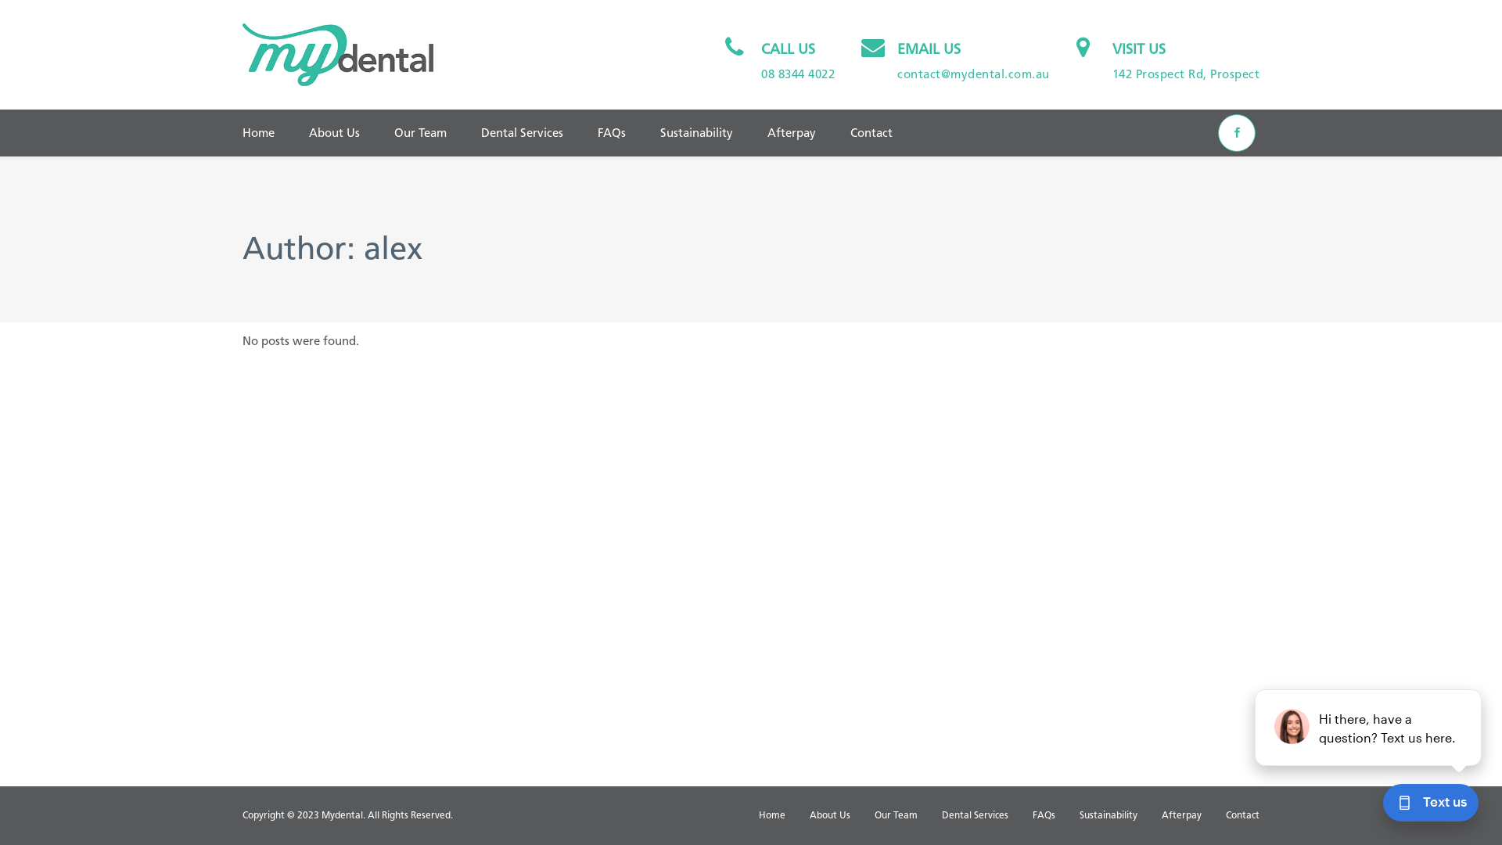 The image size is (1502, 845). Describe the element at coordinates (420, 131) in the screenshot. I see `'Our Team'` at that location.